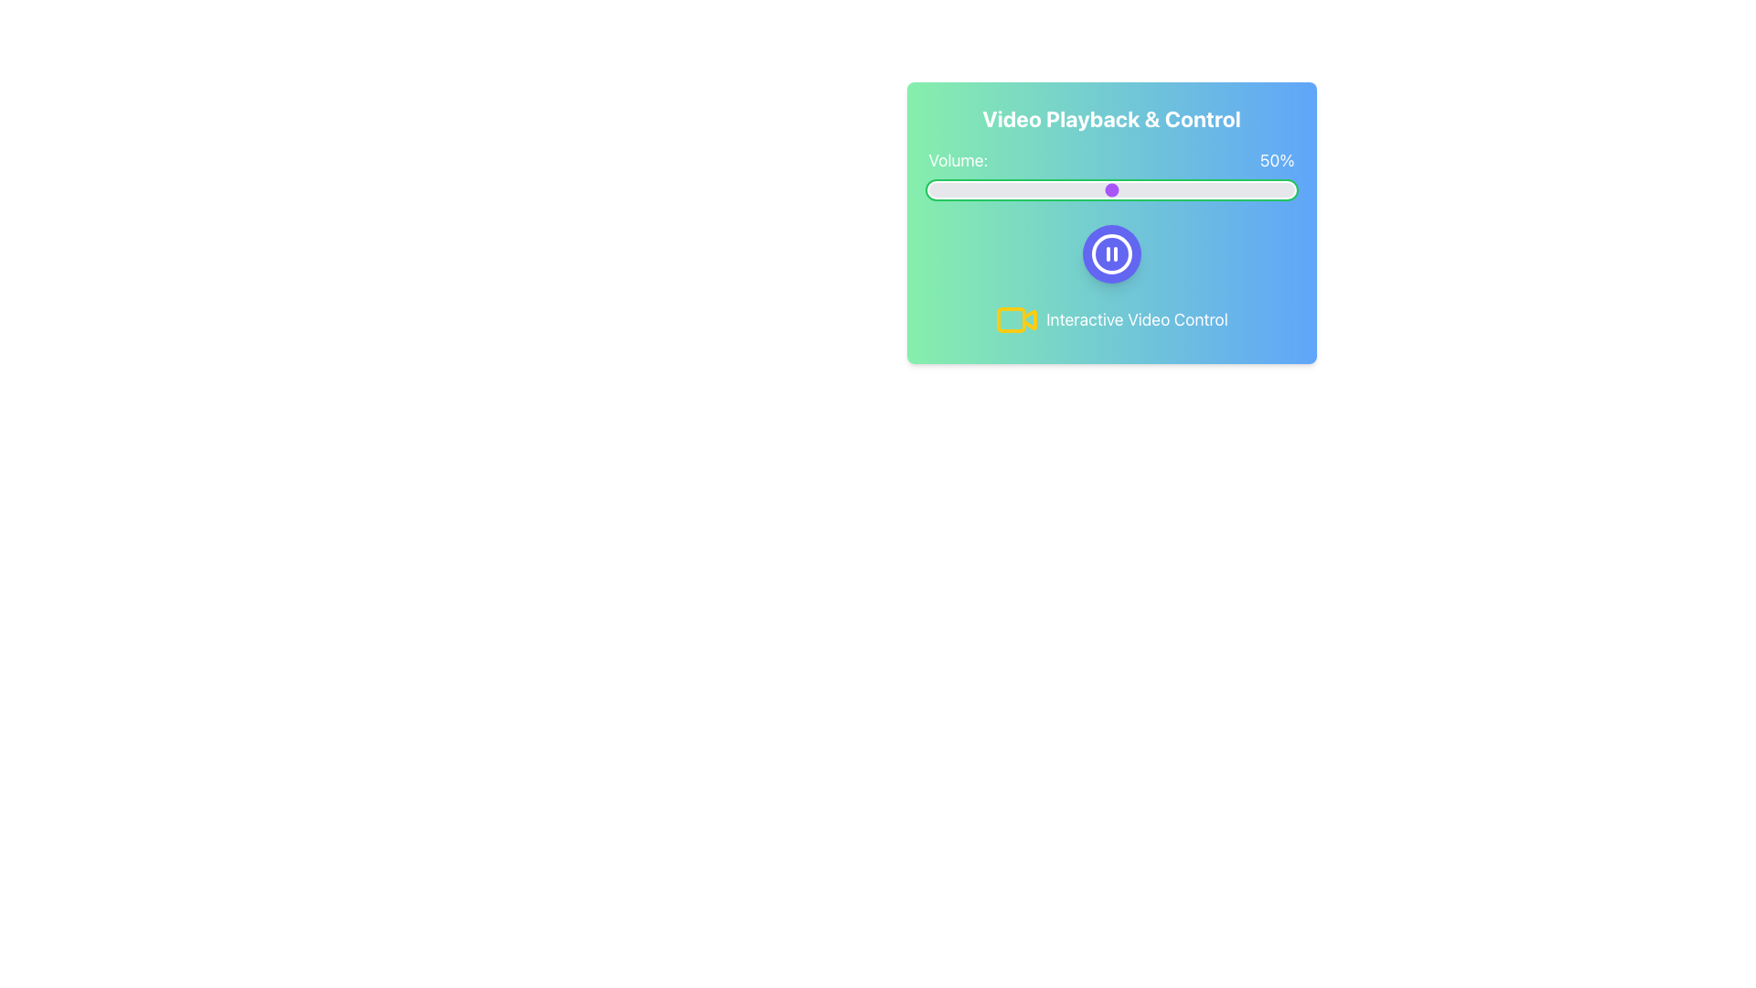 This screenshot has width=1756, height=988. I want to click on the video camera icon located in the interactive video control section, which is positioned to the left of the text label 'Interactive Video Control', so click(1011, 319).